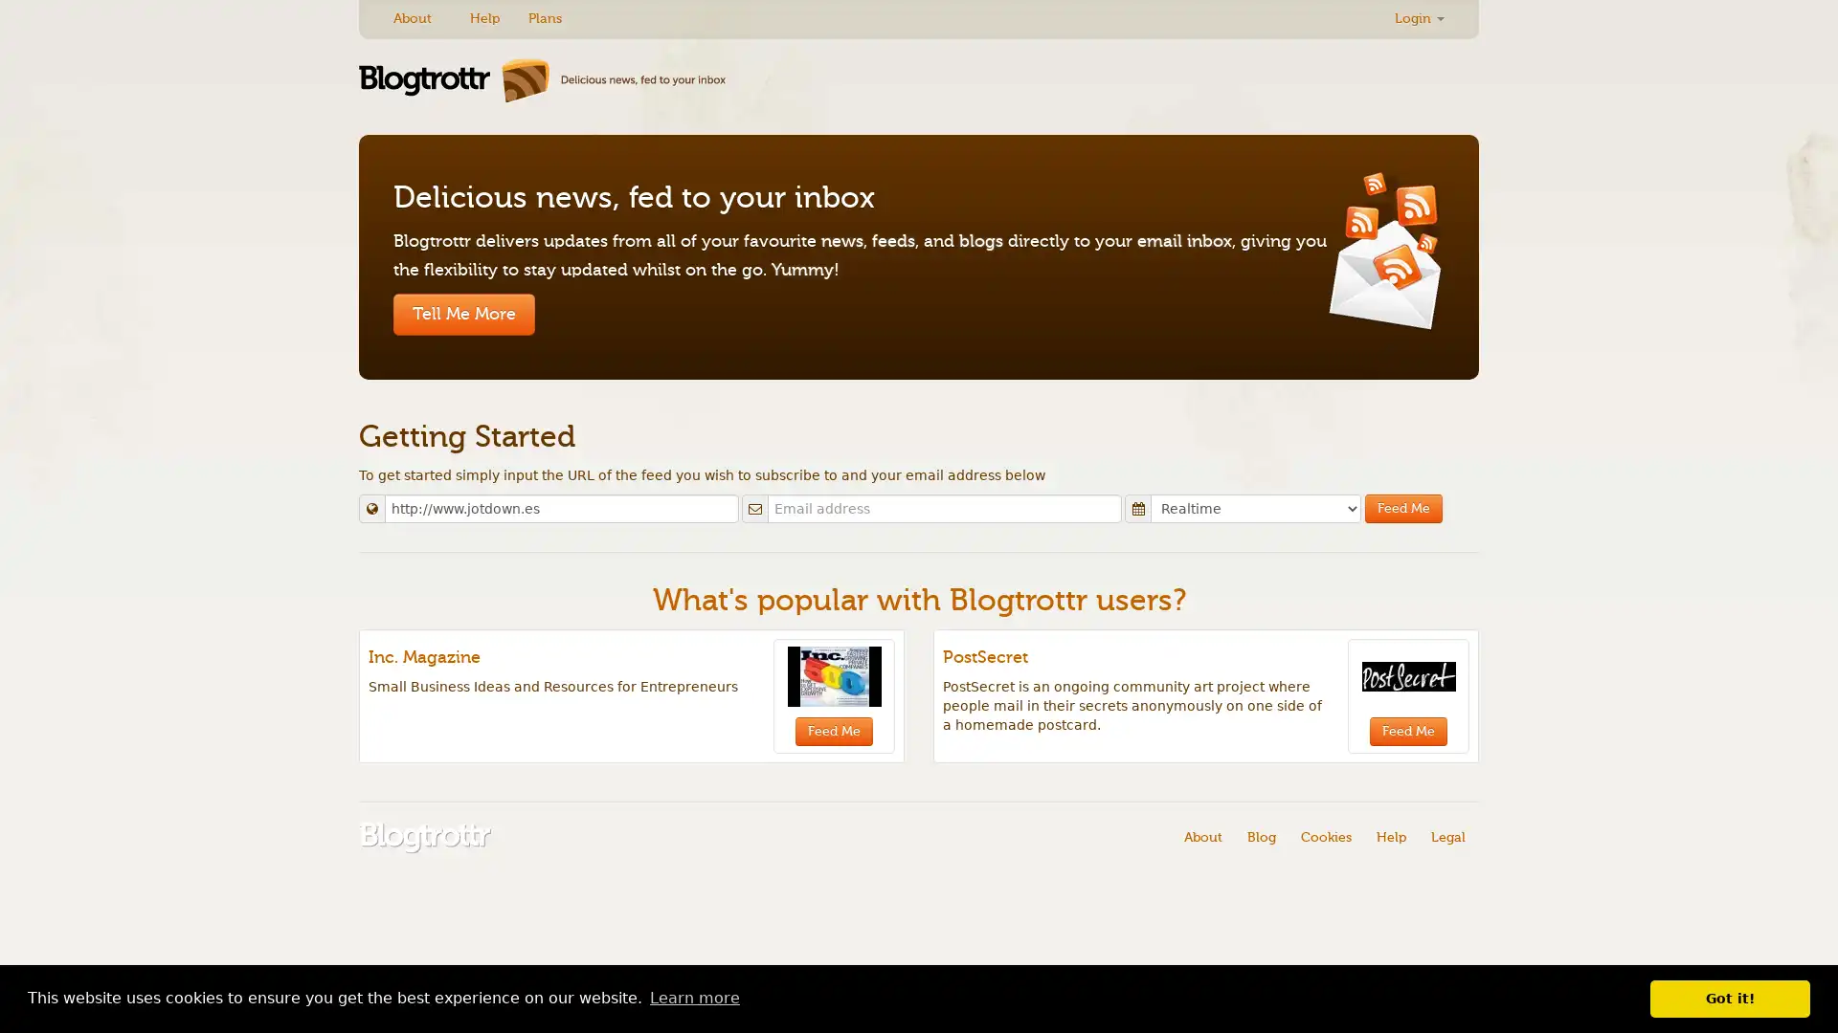  What do you see at coordinates (1403, 508) in the screenshot?
I see `Feed Me` at bounding box center [1403, 508].